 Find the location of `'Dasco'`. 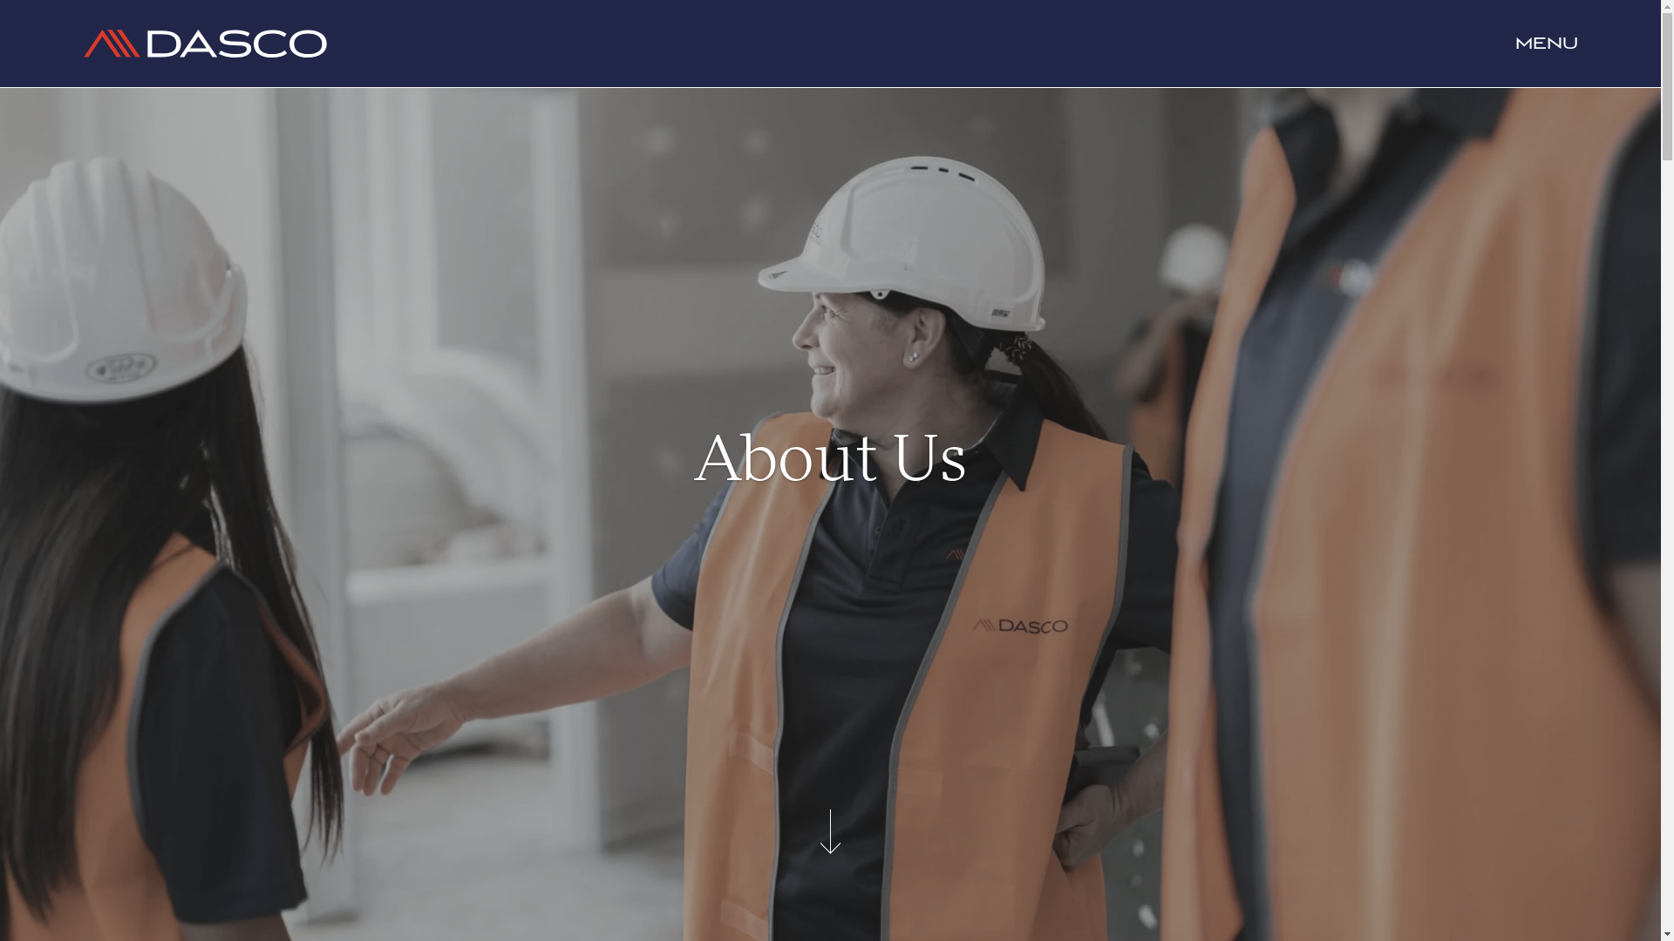

'Dasco' is located at coordinates (82, 43).